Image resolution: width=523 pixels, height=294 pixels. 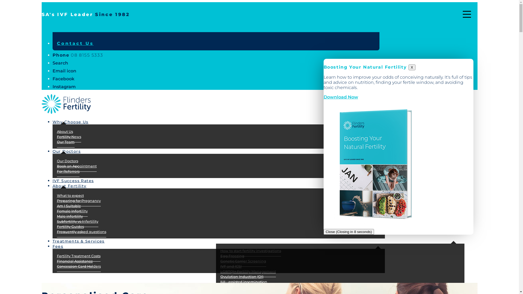 I want to click on 'IVF and ICSI', so click(x=230, y=266).